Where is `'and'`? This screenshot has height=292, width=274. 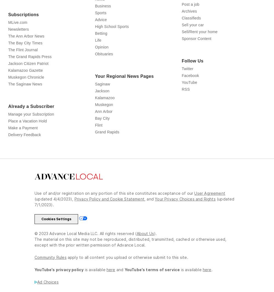
'and' is located at coordinates (151, 223).